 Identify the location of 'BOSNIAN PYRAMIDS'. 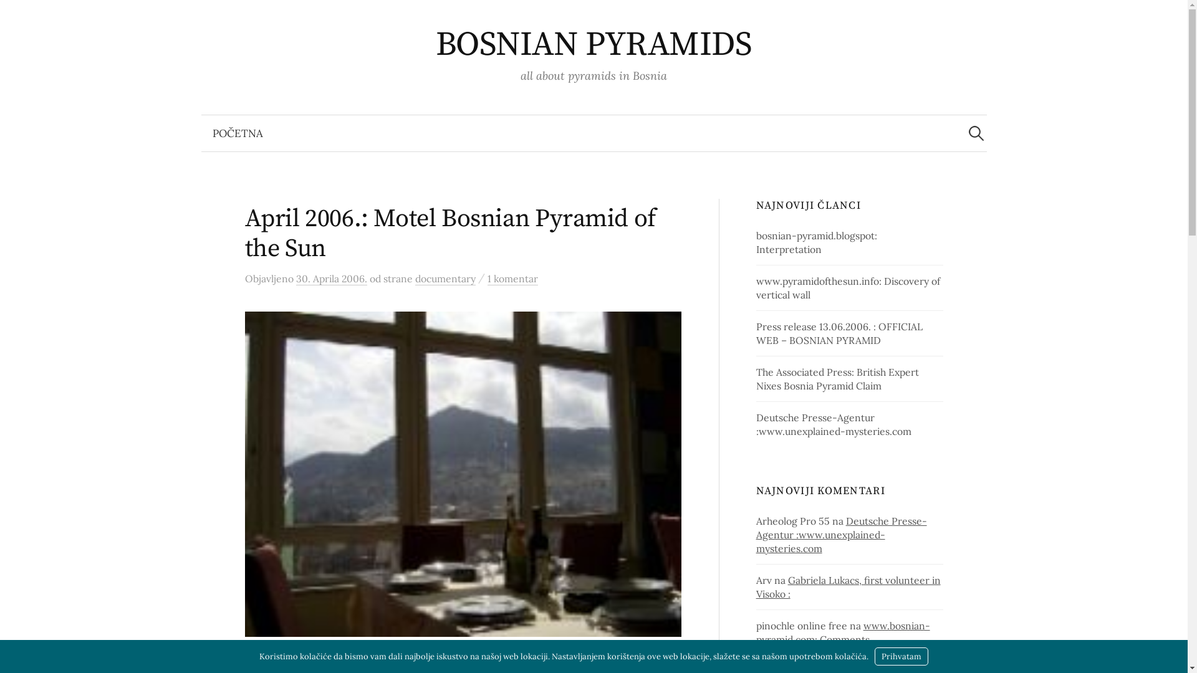
(593, 44).